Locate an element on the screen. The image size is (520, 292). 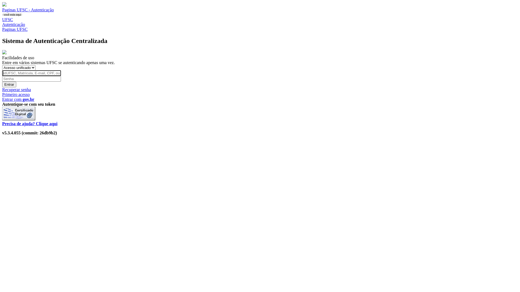
'Paginas UFSC' is located at coordinates (15, 29).